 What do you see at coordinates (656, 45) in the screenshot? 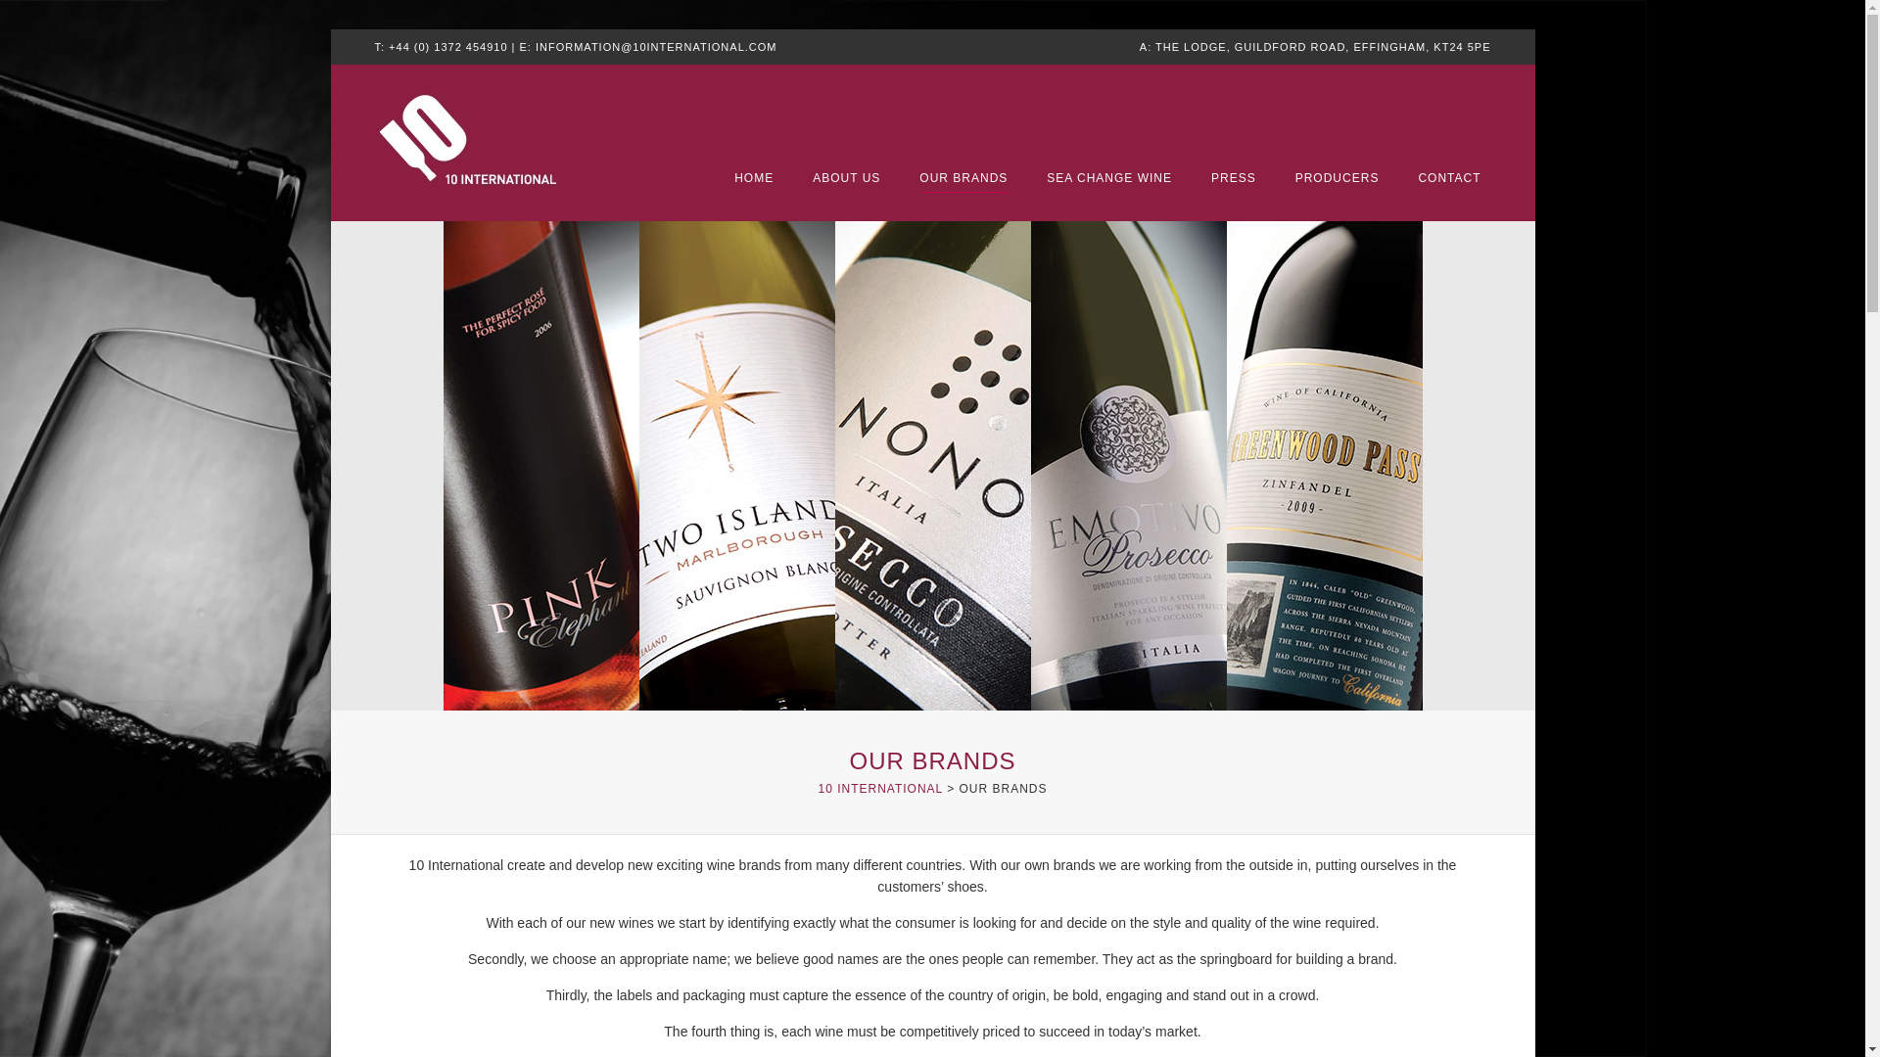
I see `'INFORMATION@10INTERNATIONAL.COM'` at bounding box center [656, 45].